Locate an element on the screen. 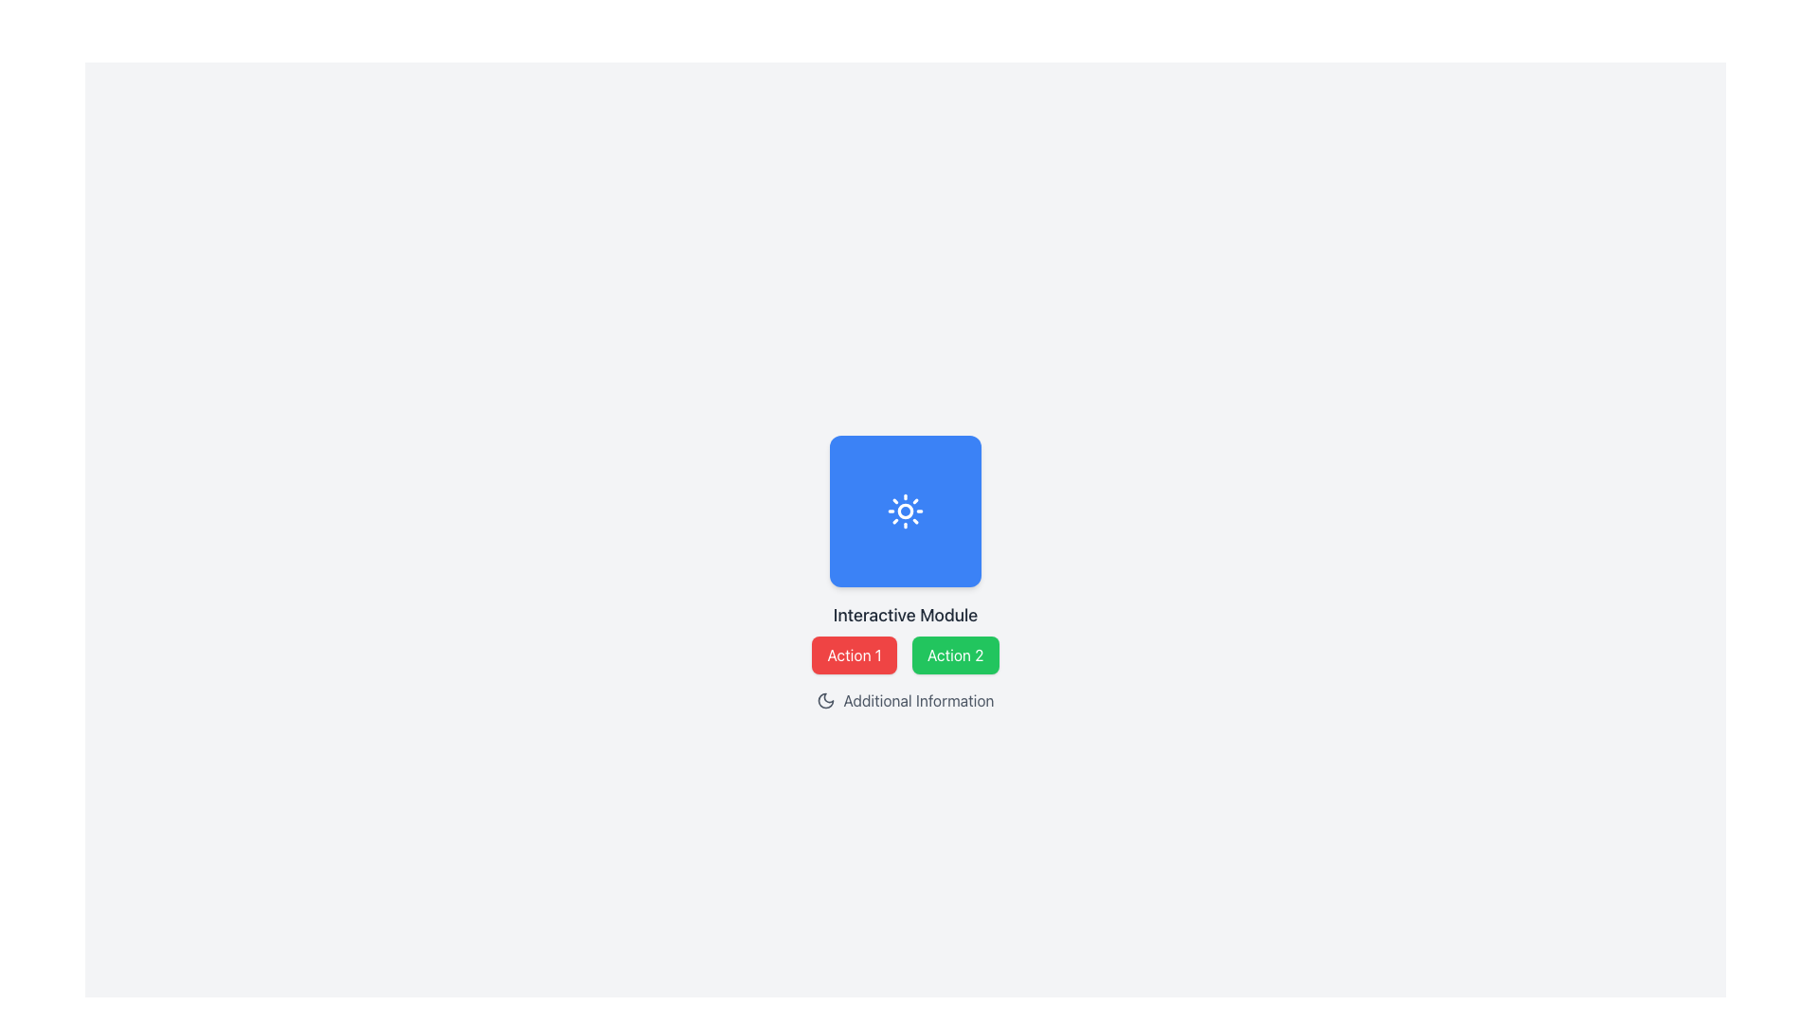  the button labeled 'Action 1', which is positioned directly below the blue interactive module and to the left of the green 'Action 2' button is located at coordinates (854, 654).